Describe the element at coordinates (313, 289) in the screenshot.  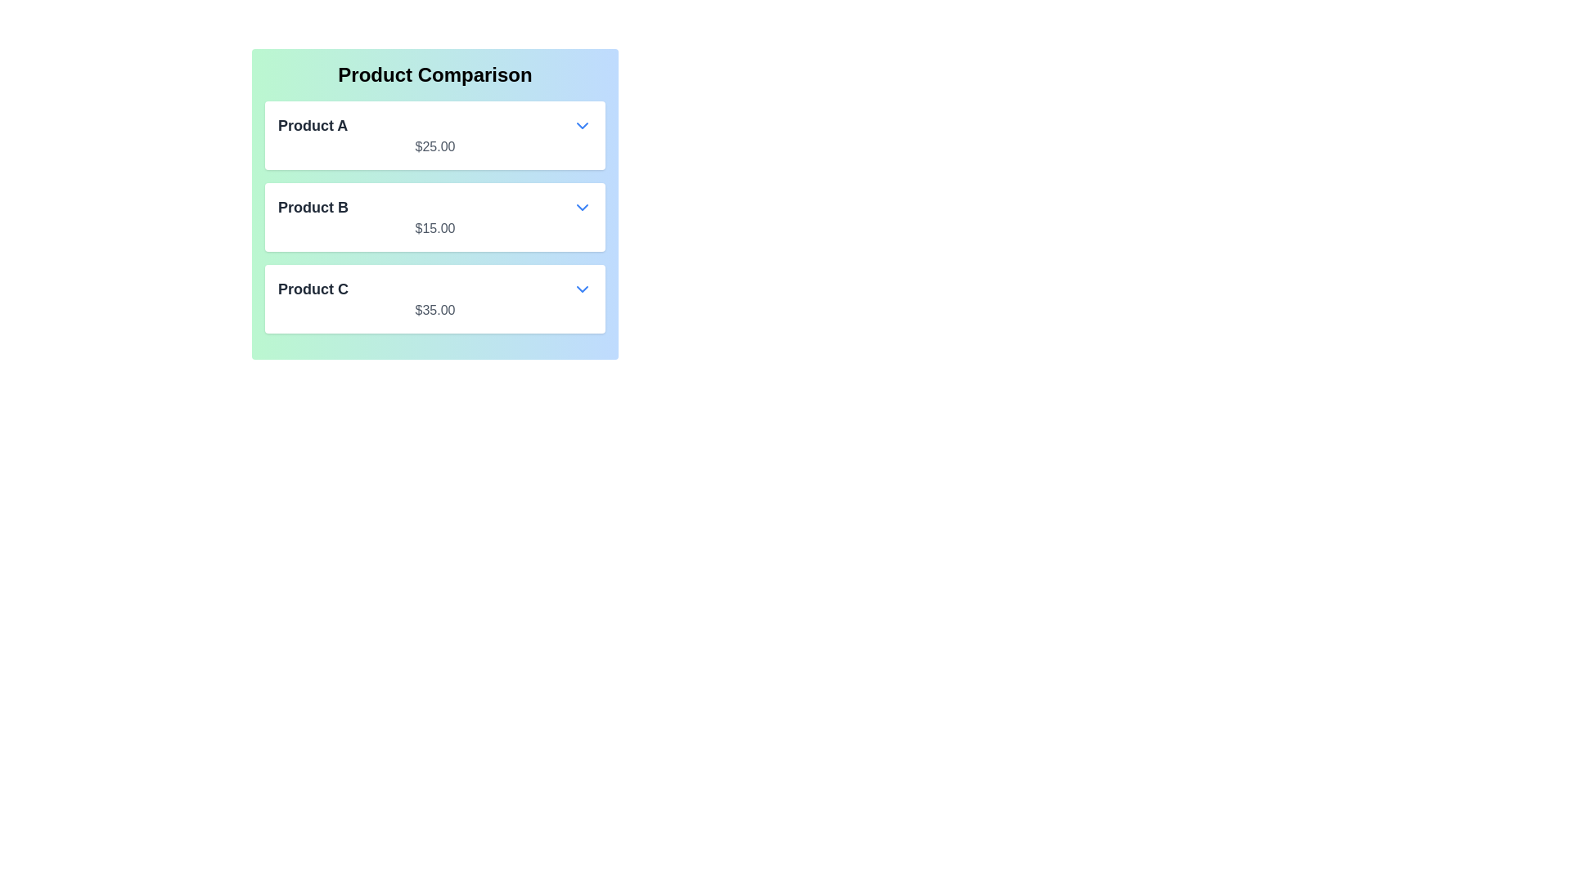
I see `the text label for 'Product C'` at that location.